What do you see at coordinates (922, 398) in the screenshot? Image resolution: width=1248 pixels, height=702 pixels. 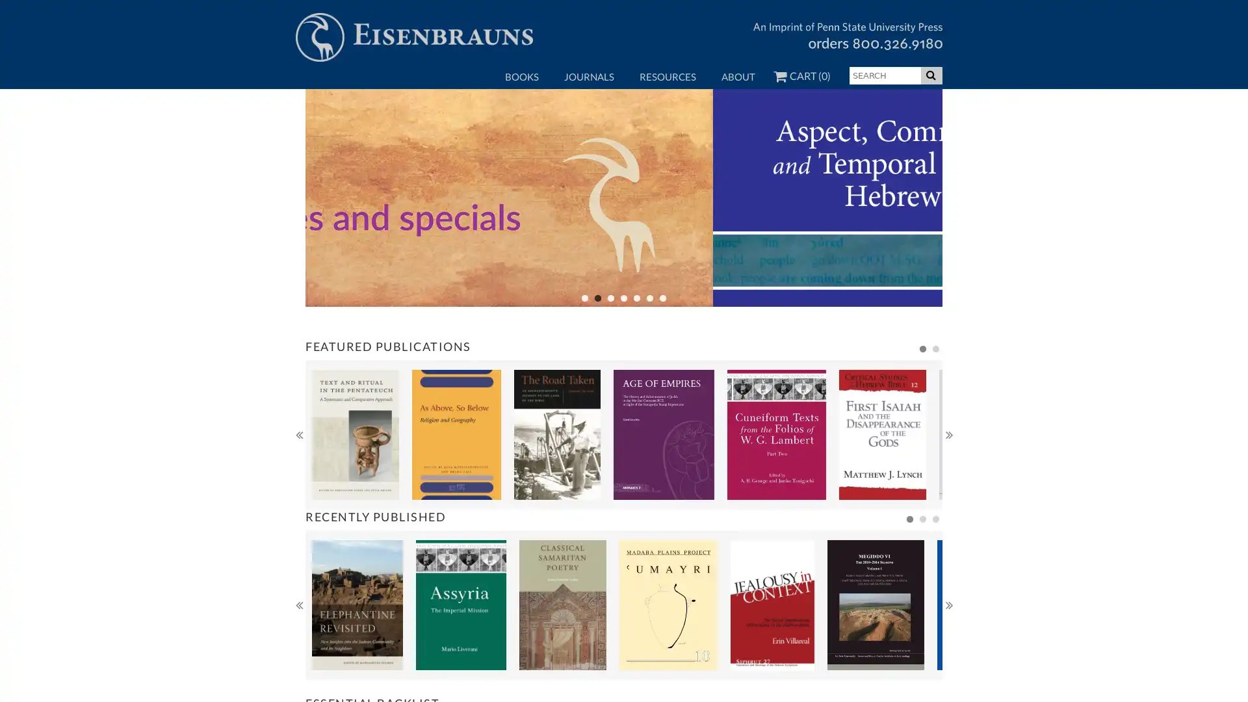 I see `1` at bounding box center [922, 398].